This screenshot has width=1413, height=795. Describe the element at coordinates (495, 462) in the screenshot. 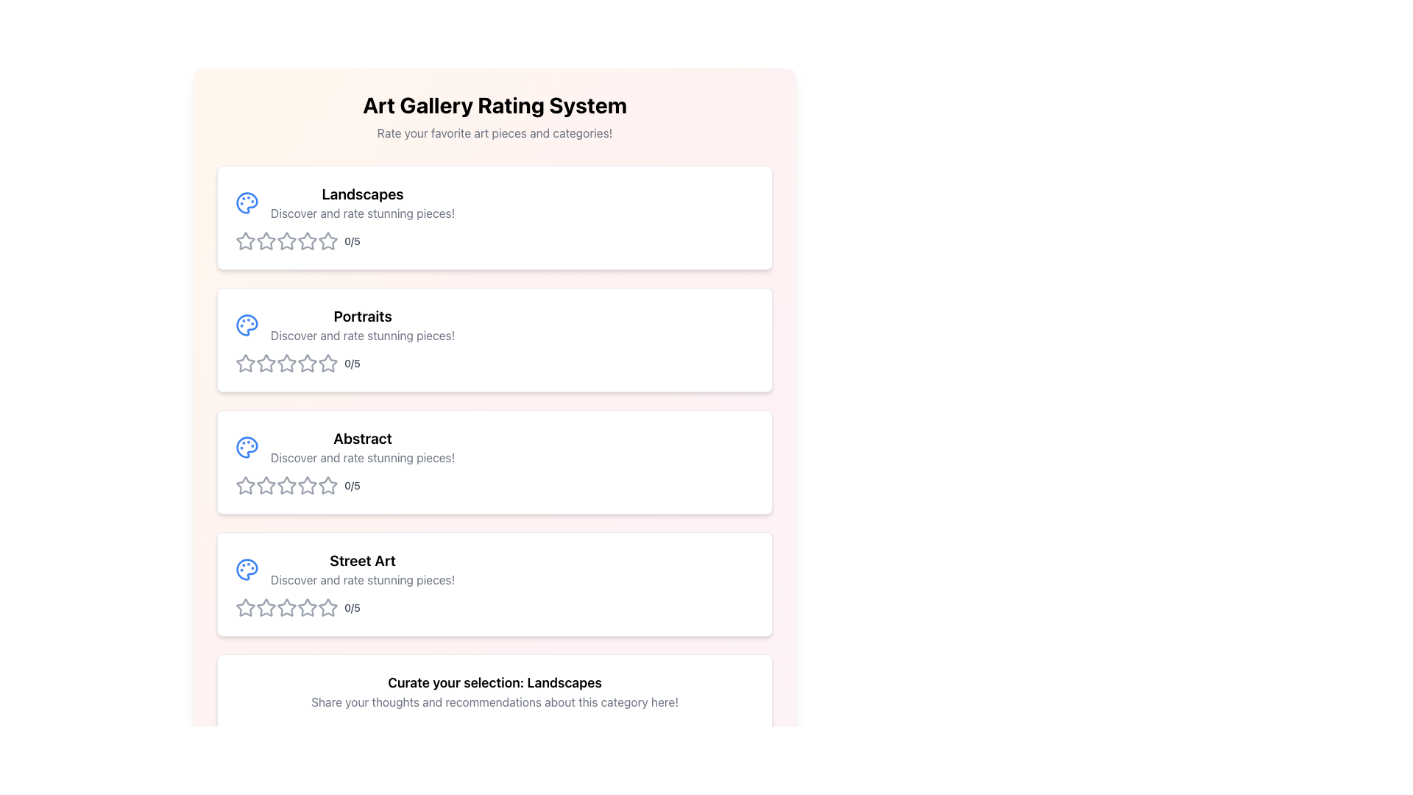

I see `the 'Abstract' category card, which is the third card in a vertical stack` at that location.